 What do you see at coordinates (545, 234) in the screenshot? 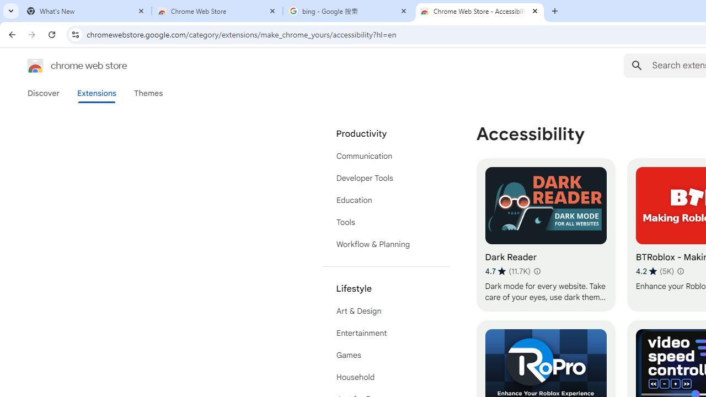
I see `'Dark Reader'` at bounding box center [545, 234].